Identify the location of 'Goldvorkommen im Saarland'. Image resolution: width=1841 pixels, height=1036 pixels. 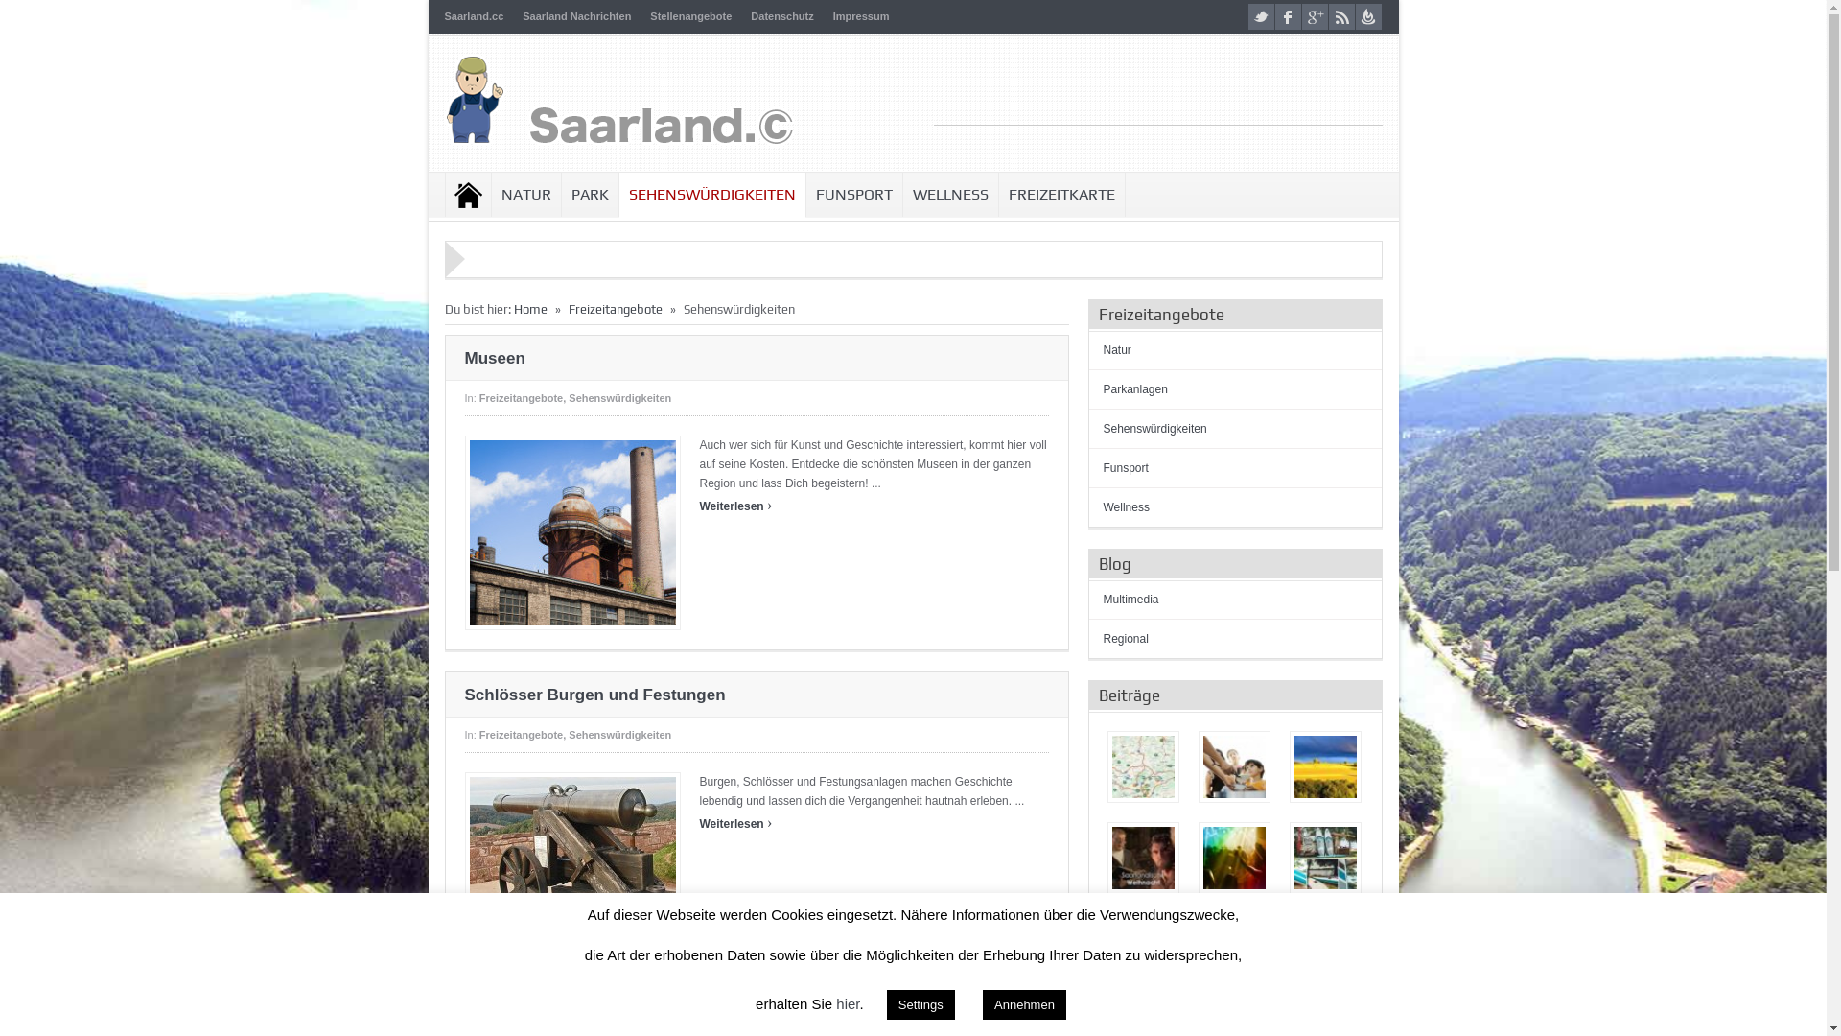
(1233, 948).